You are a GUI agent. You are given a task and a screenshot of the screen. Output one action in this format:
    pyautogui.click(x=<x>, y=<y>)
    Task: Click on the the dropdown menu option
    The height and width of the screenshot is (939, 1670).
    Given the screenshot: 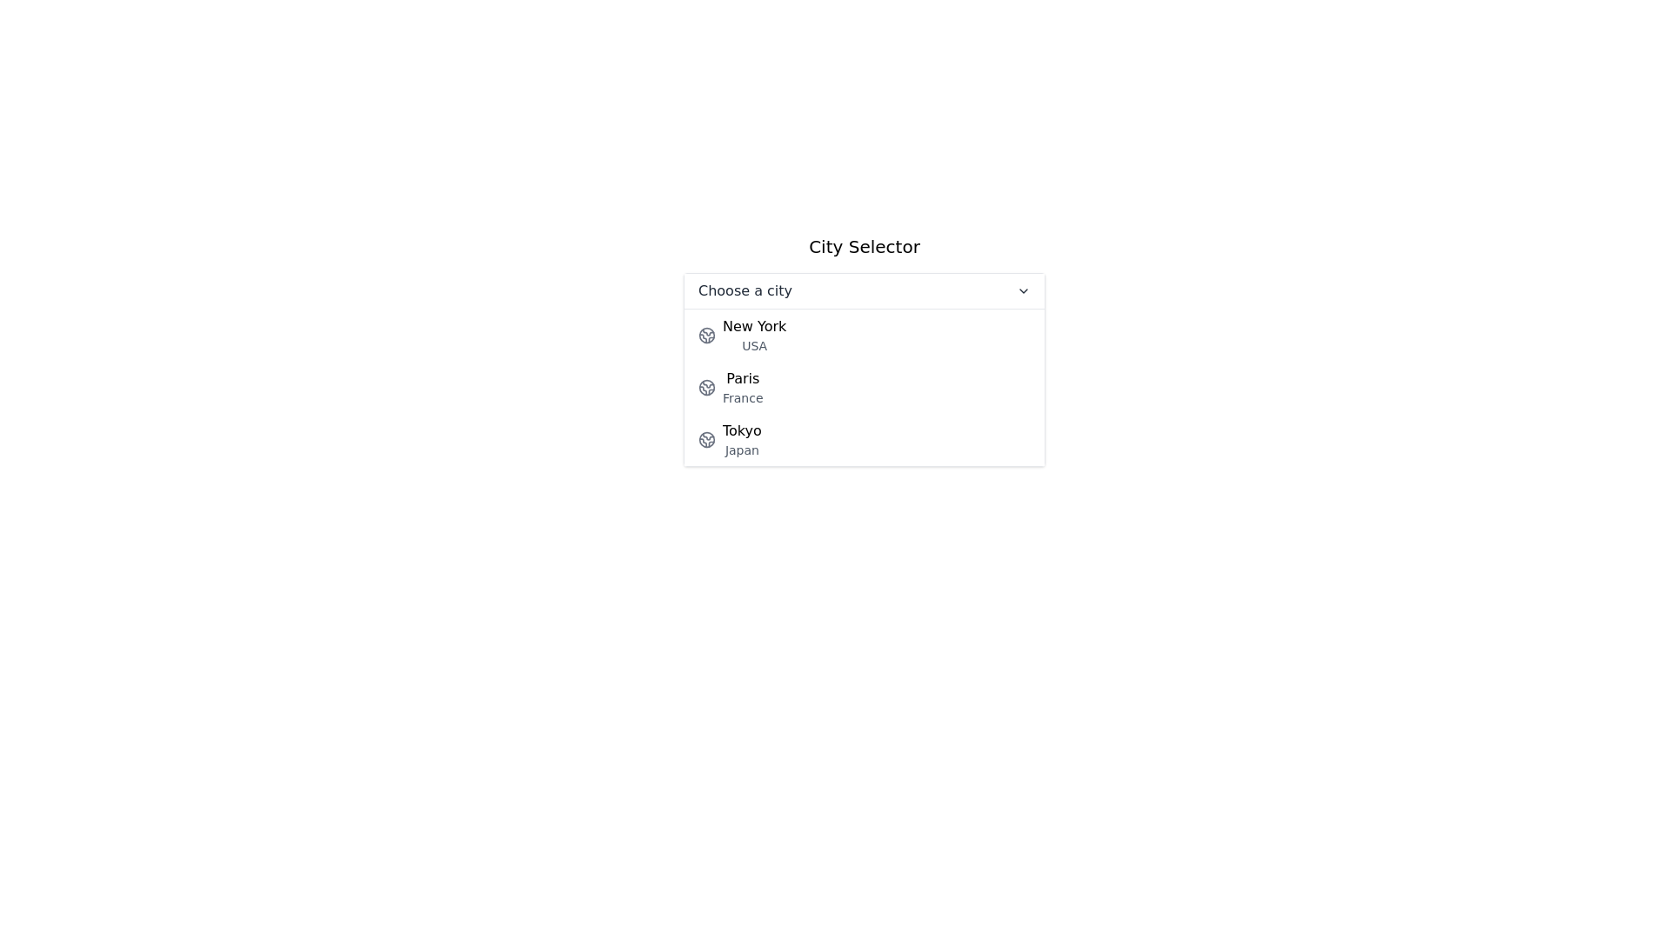 What is the action you would take?
    pyautogui.click(x=864, y=350)
    